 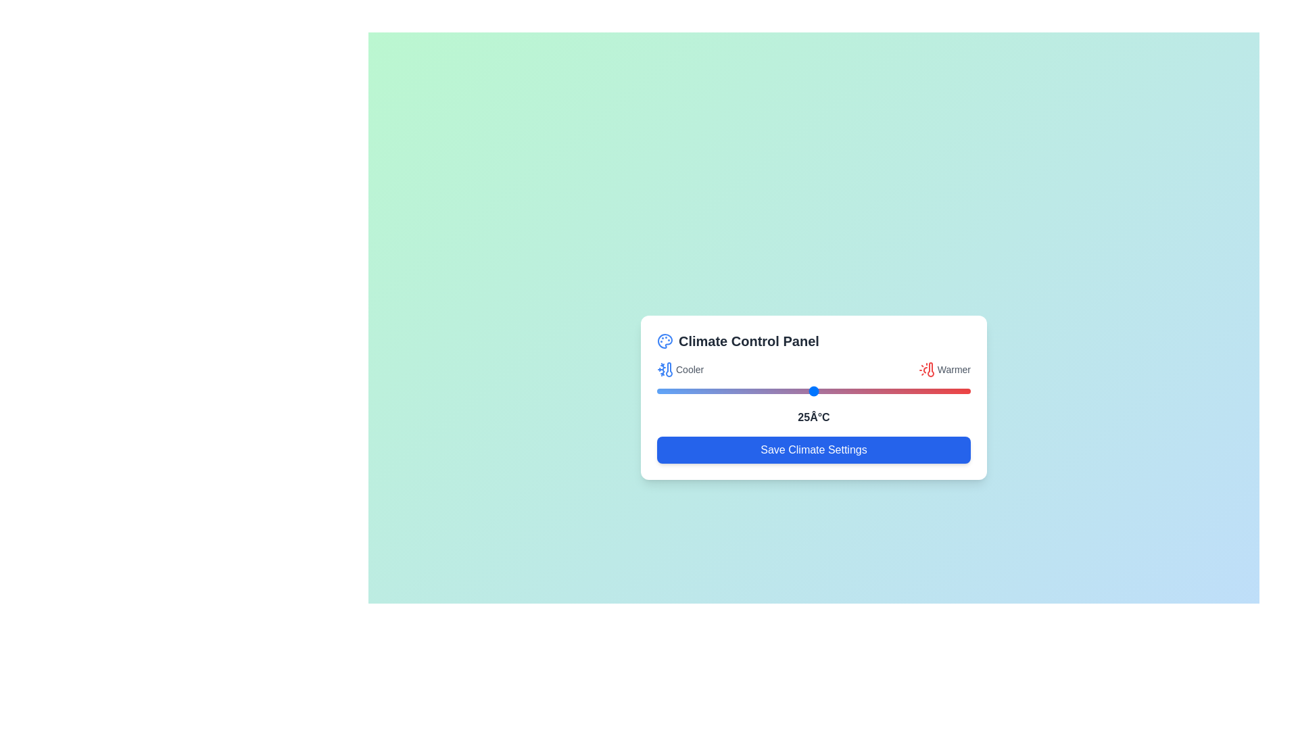 I want to click on 'Save Climate Settings' button, so click(x=813, y=449).